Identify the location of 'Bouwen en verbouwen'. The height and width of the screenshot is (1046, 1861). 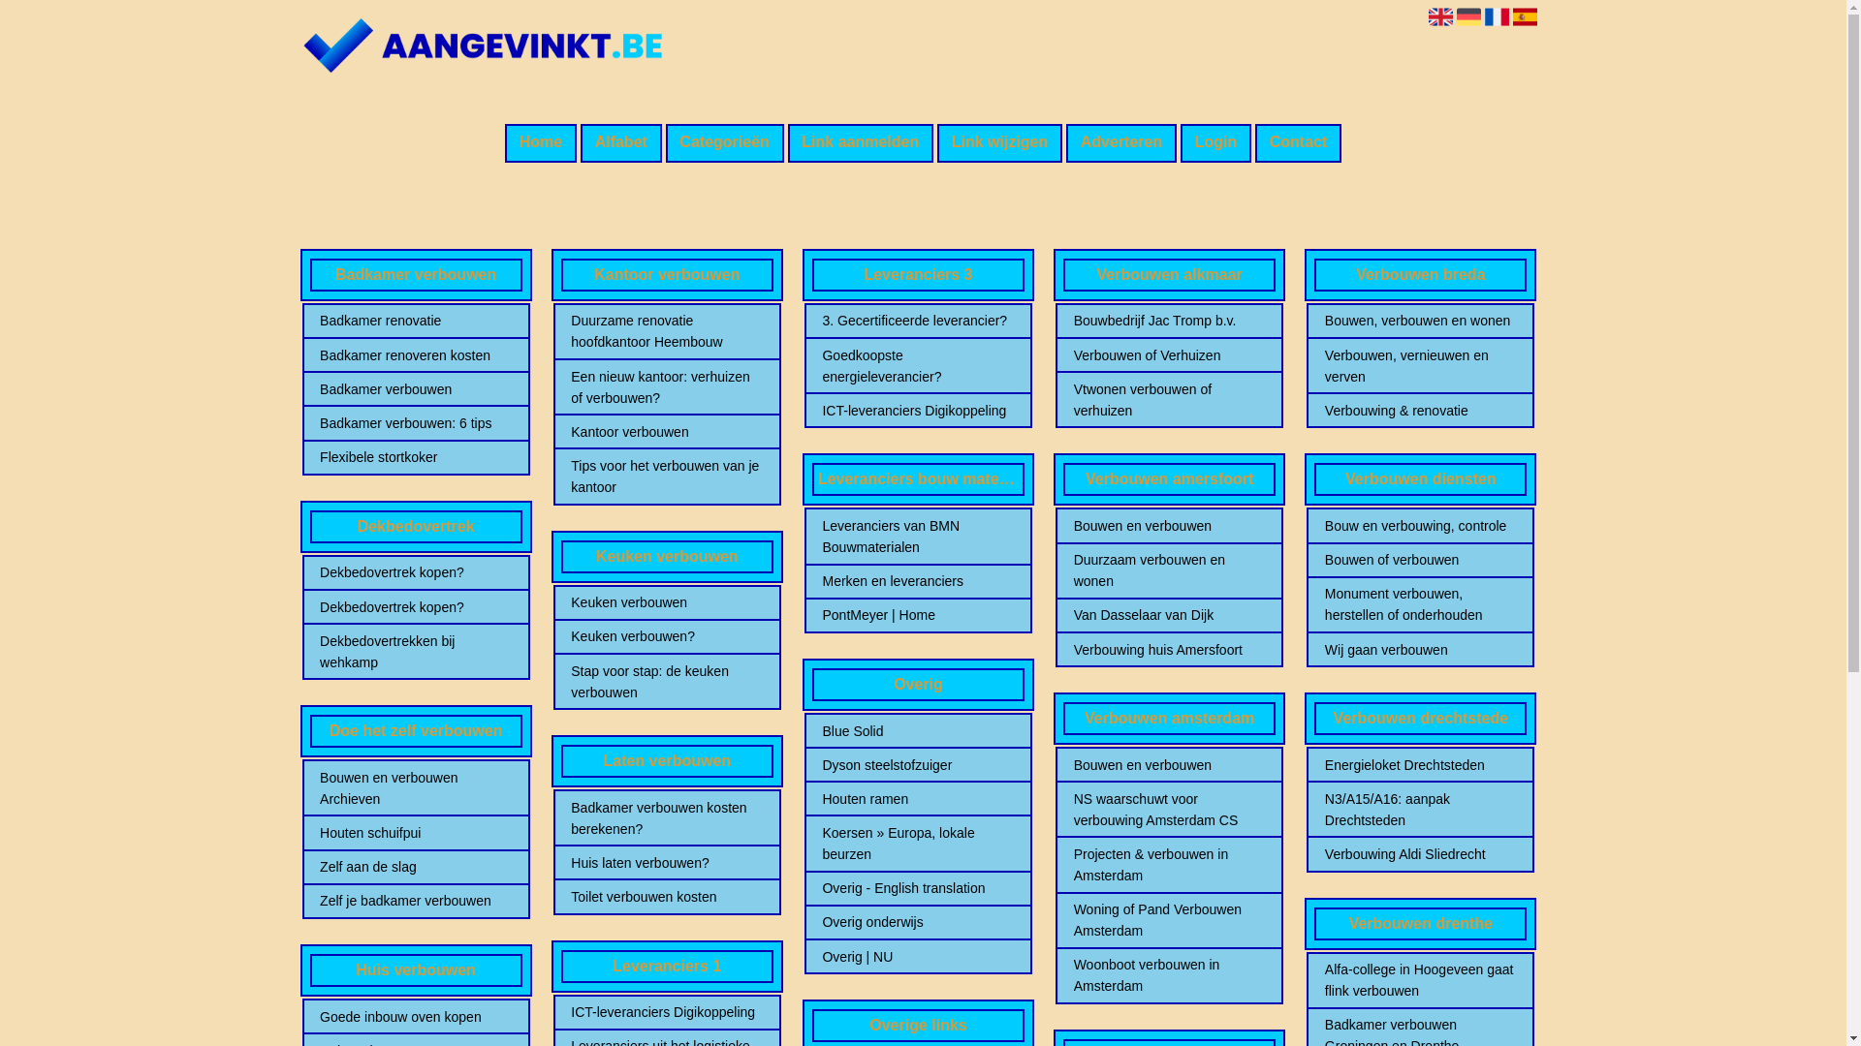
(1168, 526).